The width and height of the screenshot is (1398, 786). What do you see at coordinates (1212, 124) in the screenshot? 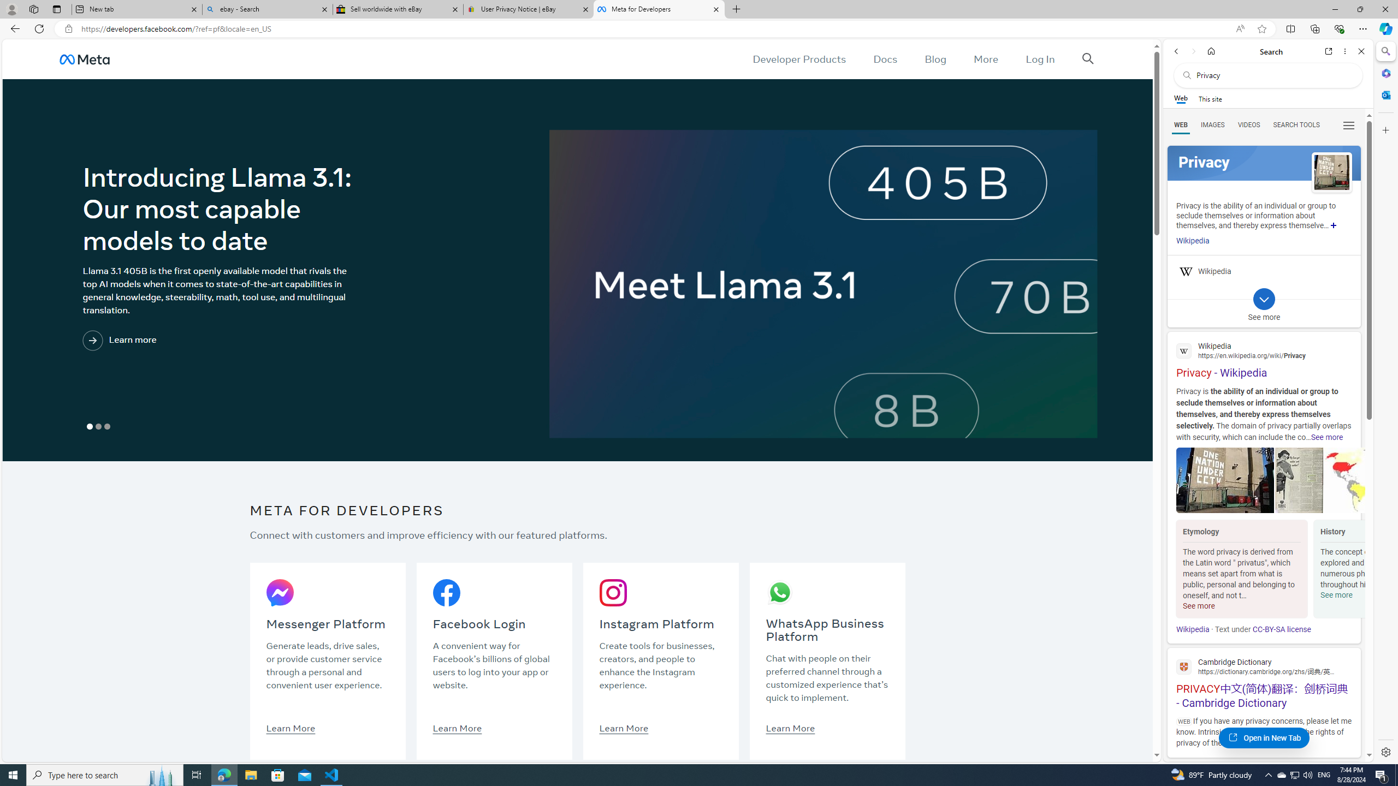
I see `'Search Filter, IMAGES'` at bounding box center [1212, 124].